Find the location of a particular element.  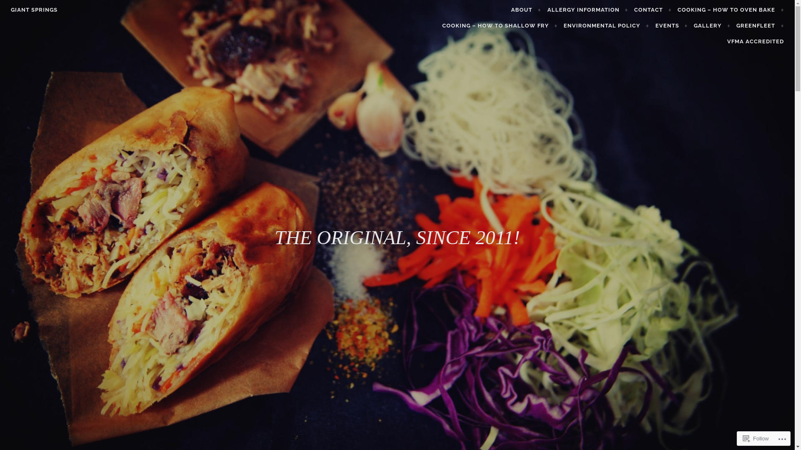

'GREENFLEET' is located at coordinates (760, 25).